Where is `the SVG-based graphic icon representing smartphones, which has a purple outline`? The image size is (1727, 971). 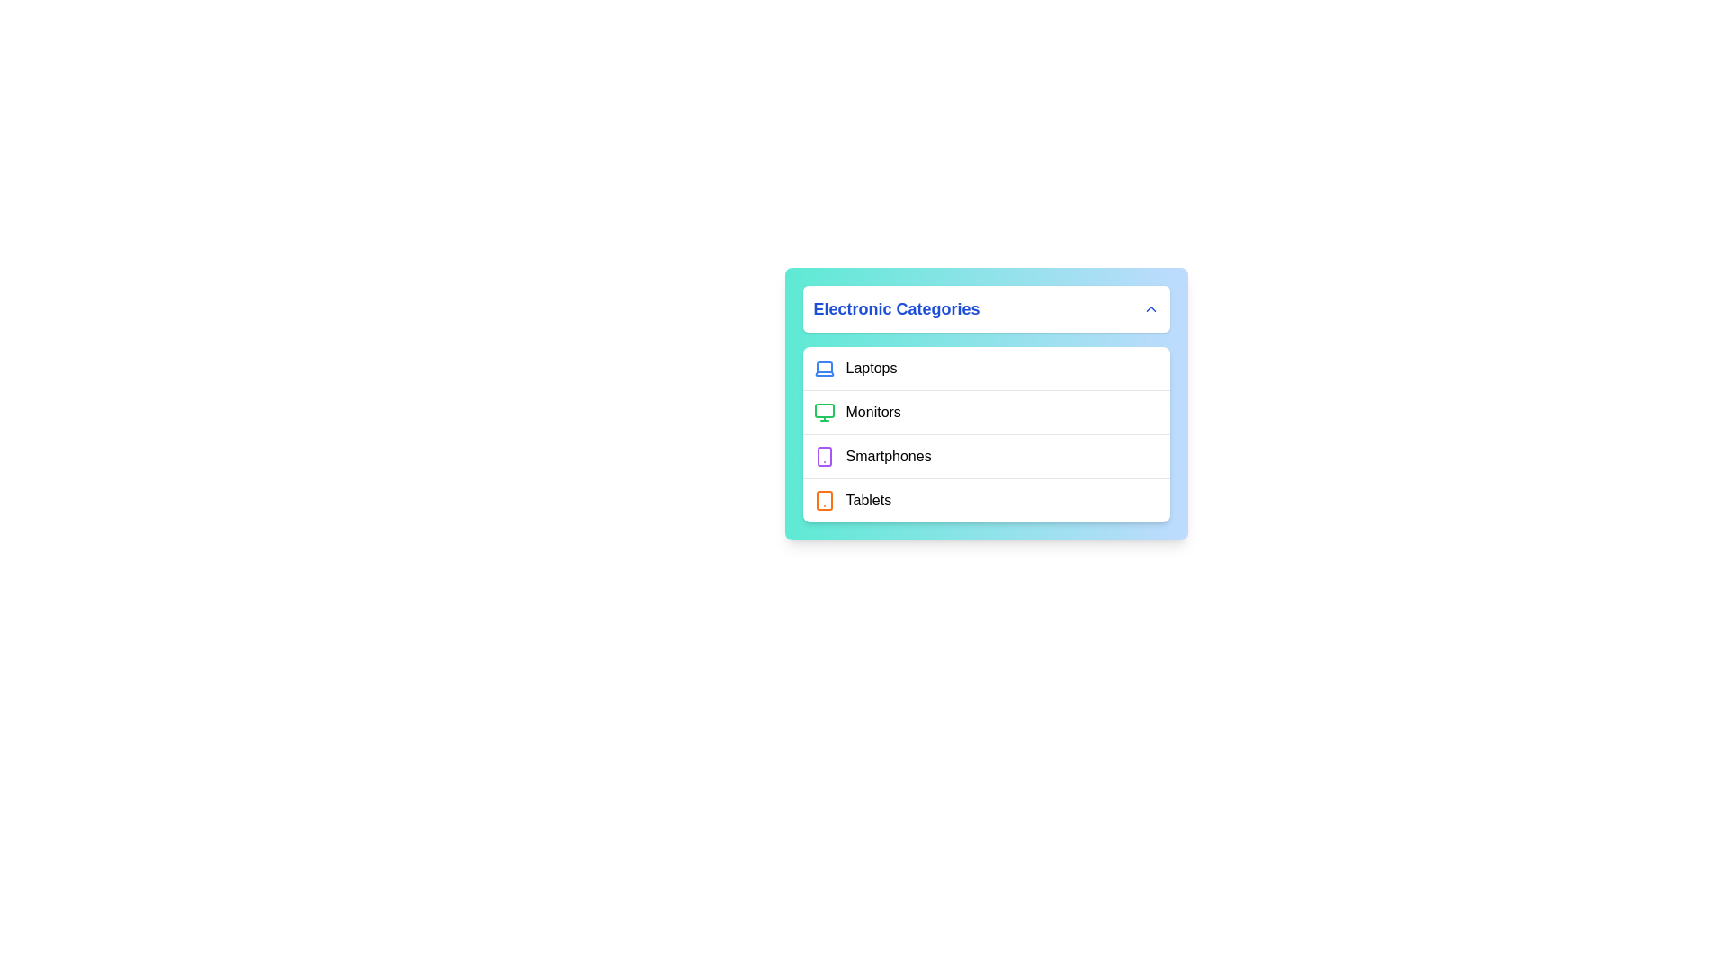 the SVG-based graphic icon representing smartphones, which has a purple outline is located at coordinates (823, 456).